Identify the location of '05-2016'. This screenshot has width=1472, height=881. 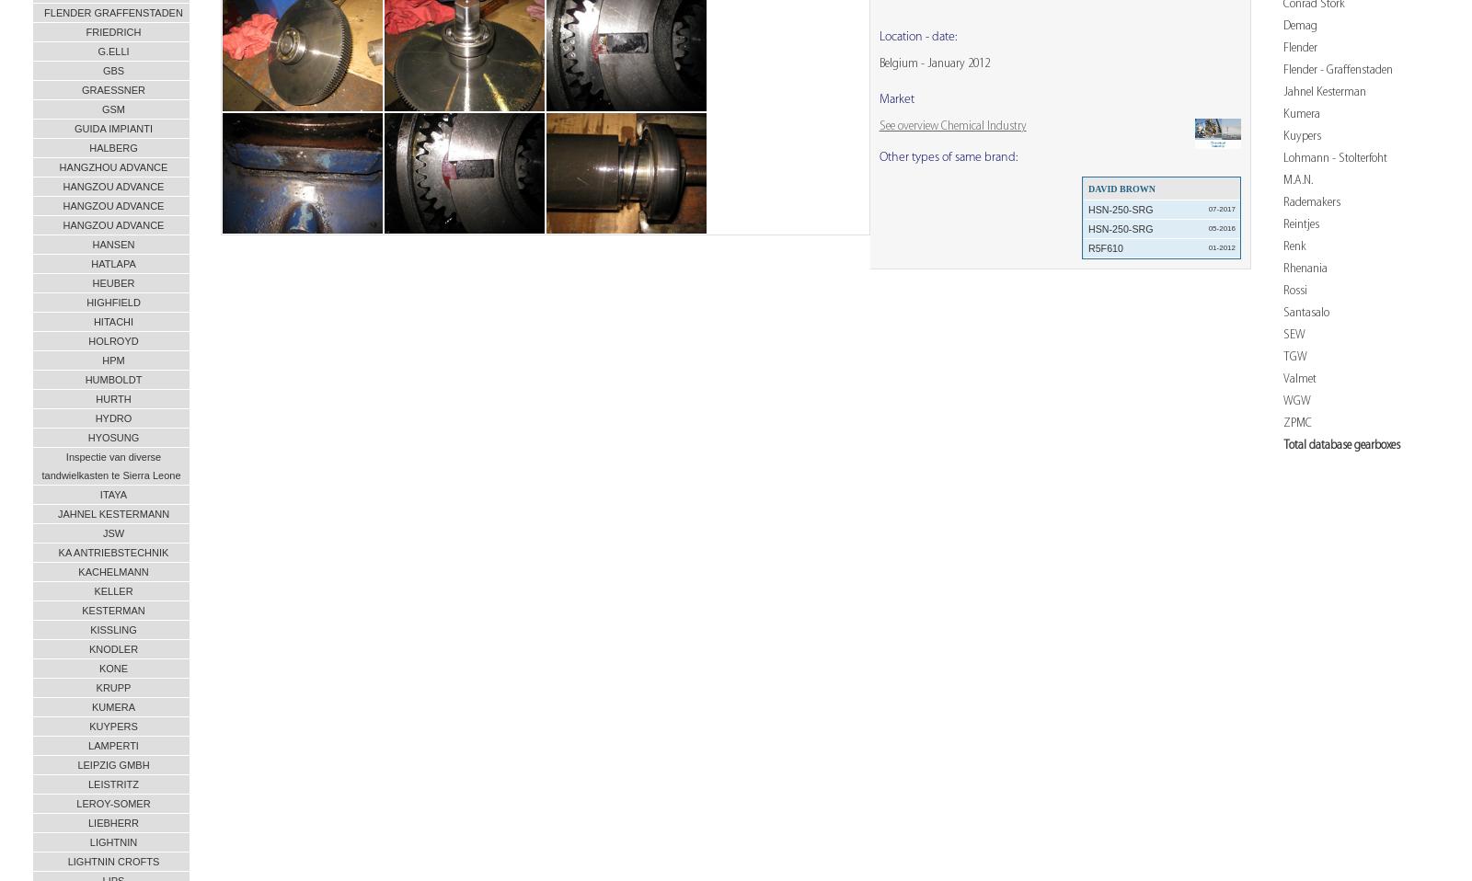
(1206, 227).